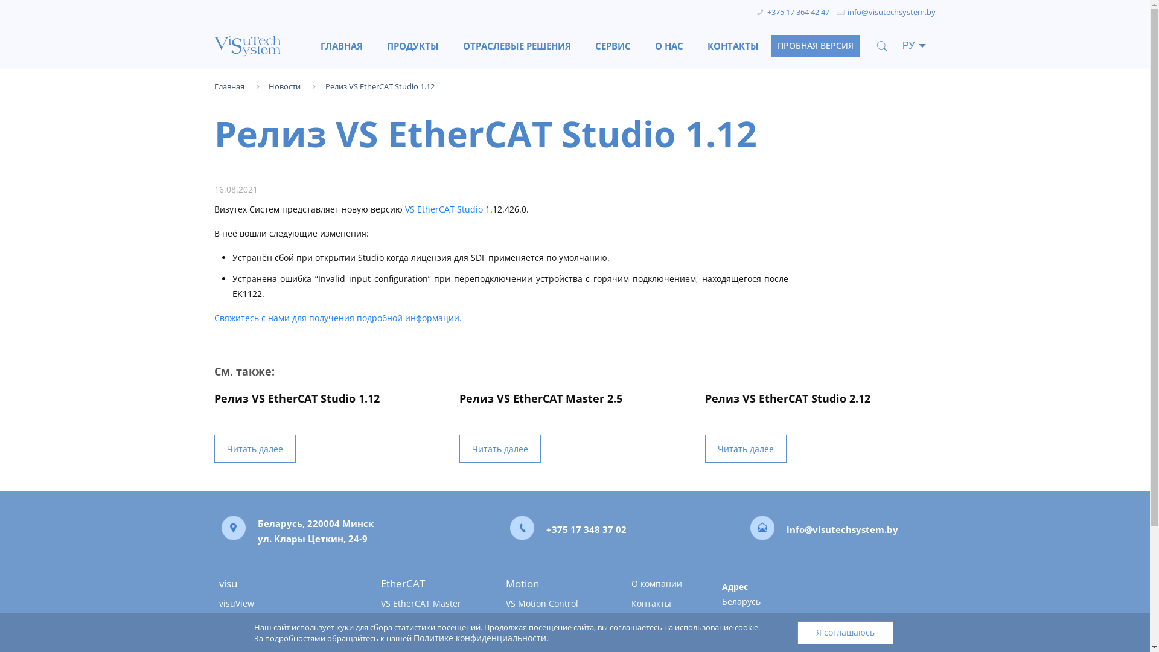 The image size is (1159, 652). I want to click on 'info@visutechsystem.by', so click(892, 11).